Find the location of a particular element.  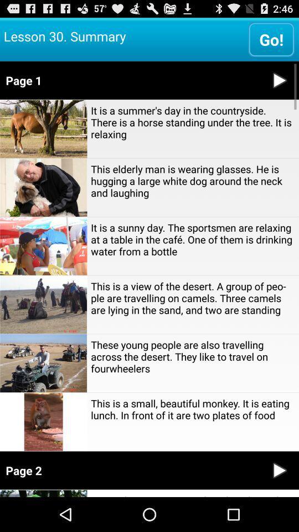

these young people item is located at coordinates (192, 356).